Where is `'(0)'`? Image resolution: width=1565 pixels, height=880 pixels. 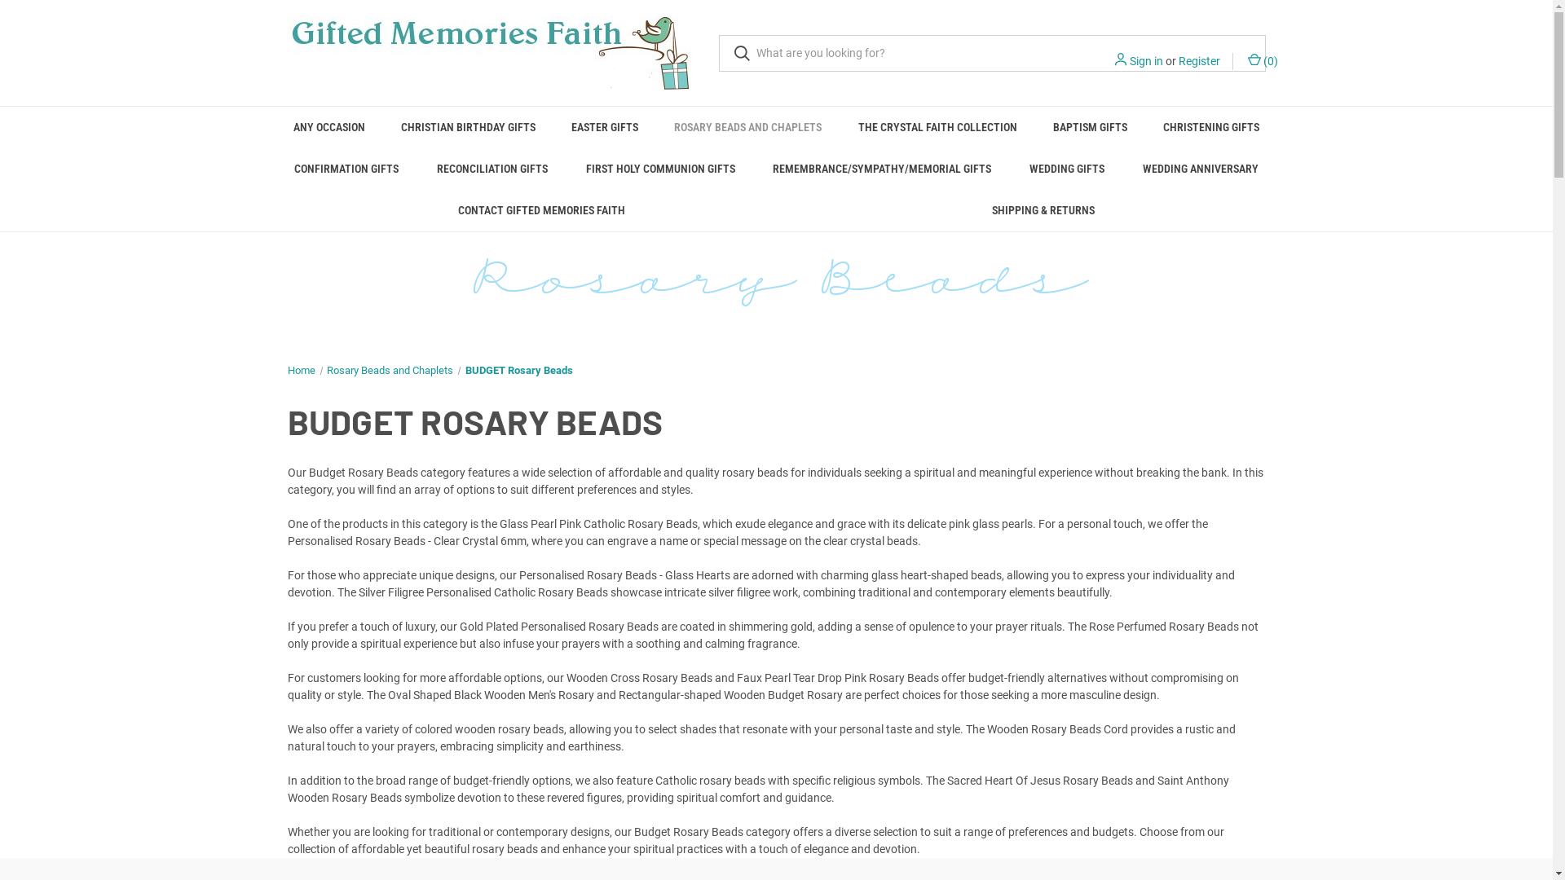
'(0)' is located at coordinates (1260, 60).